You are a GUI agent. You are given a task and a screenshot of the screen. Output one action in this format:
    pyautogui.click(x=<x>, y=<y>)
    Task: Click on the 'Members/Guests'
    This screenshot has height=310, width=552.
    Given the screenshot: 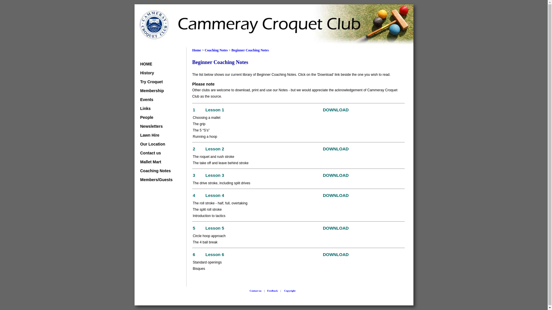 What is the action you would take?
    pyautogui.click(x=140, y=179)
    